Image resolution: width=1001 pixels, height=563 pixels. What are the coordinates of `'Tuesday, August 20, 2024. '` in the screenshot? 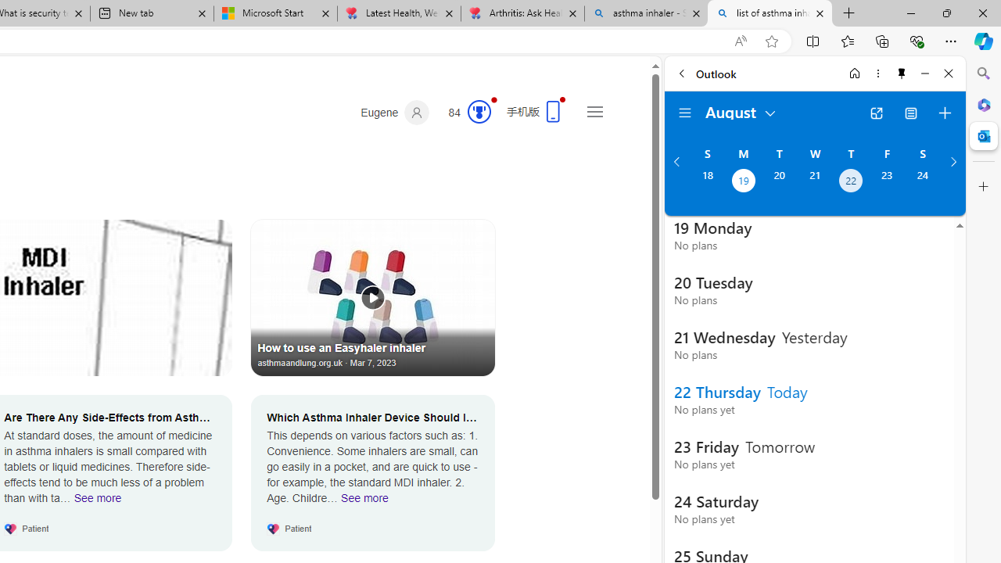 It's located at (779, 181).